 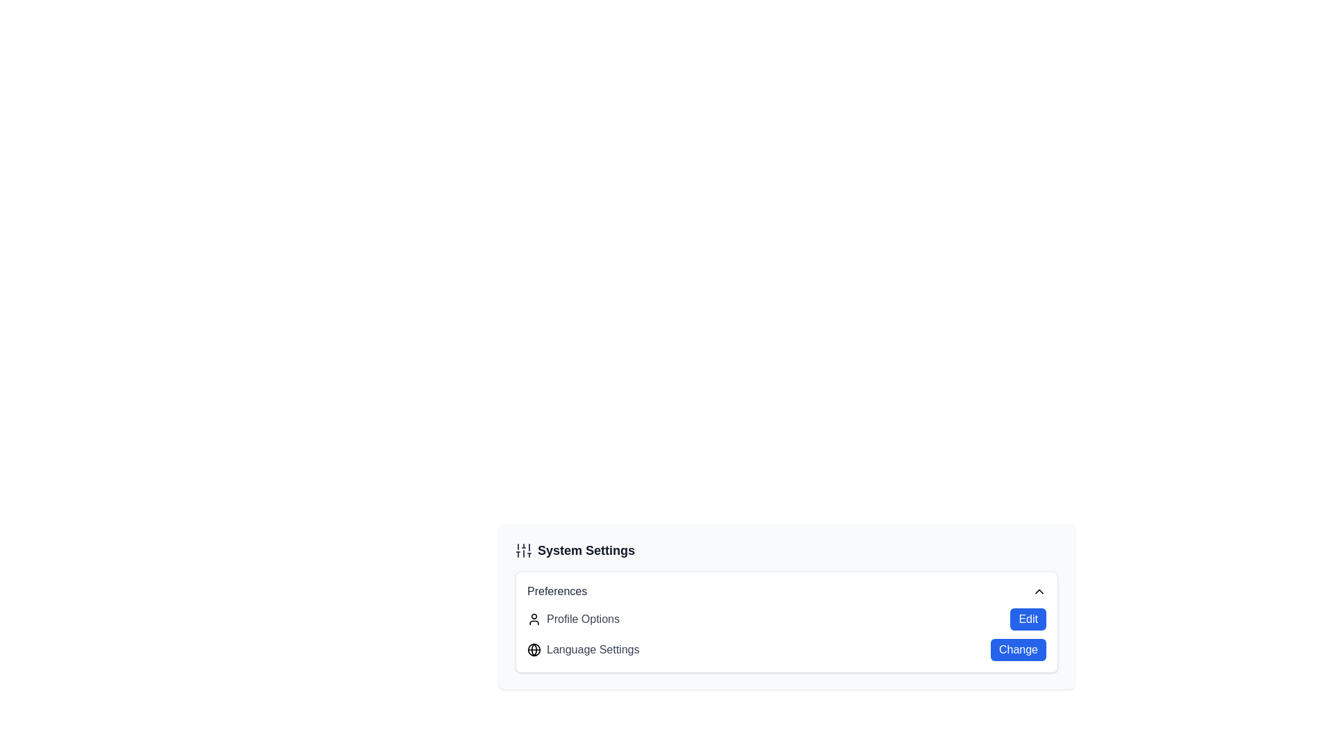 What do you see at coordinates (787, 635) in the screenshot?
I see `the 'Change' button in the 'Language Settings' row to configure language settings` at bounding box center [787, 635].